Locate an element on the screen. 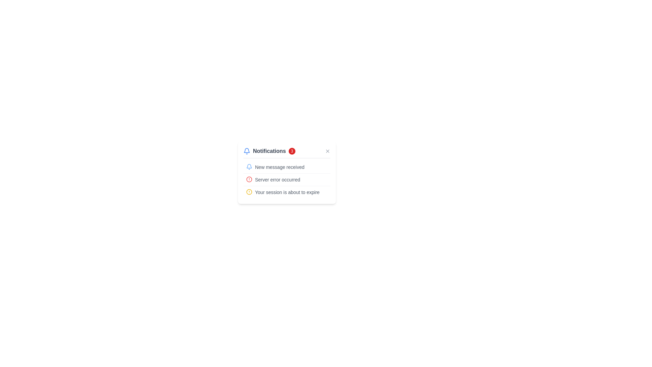  the bell icon's base element within the notifications popup, which visually represents notifications is located at coordinates (246, 150).